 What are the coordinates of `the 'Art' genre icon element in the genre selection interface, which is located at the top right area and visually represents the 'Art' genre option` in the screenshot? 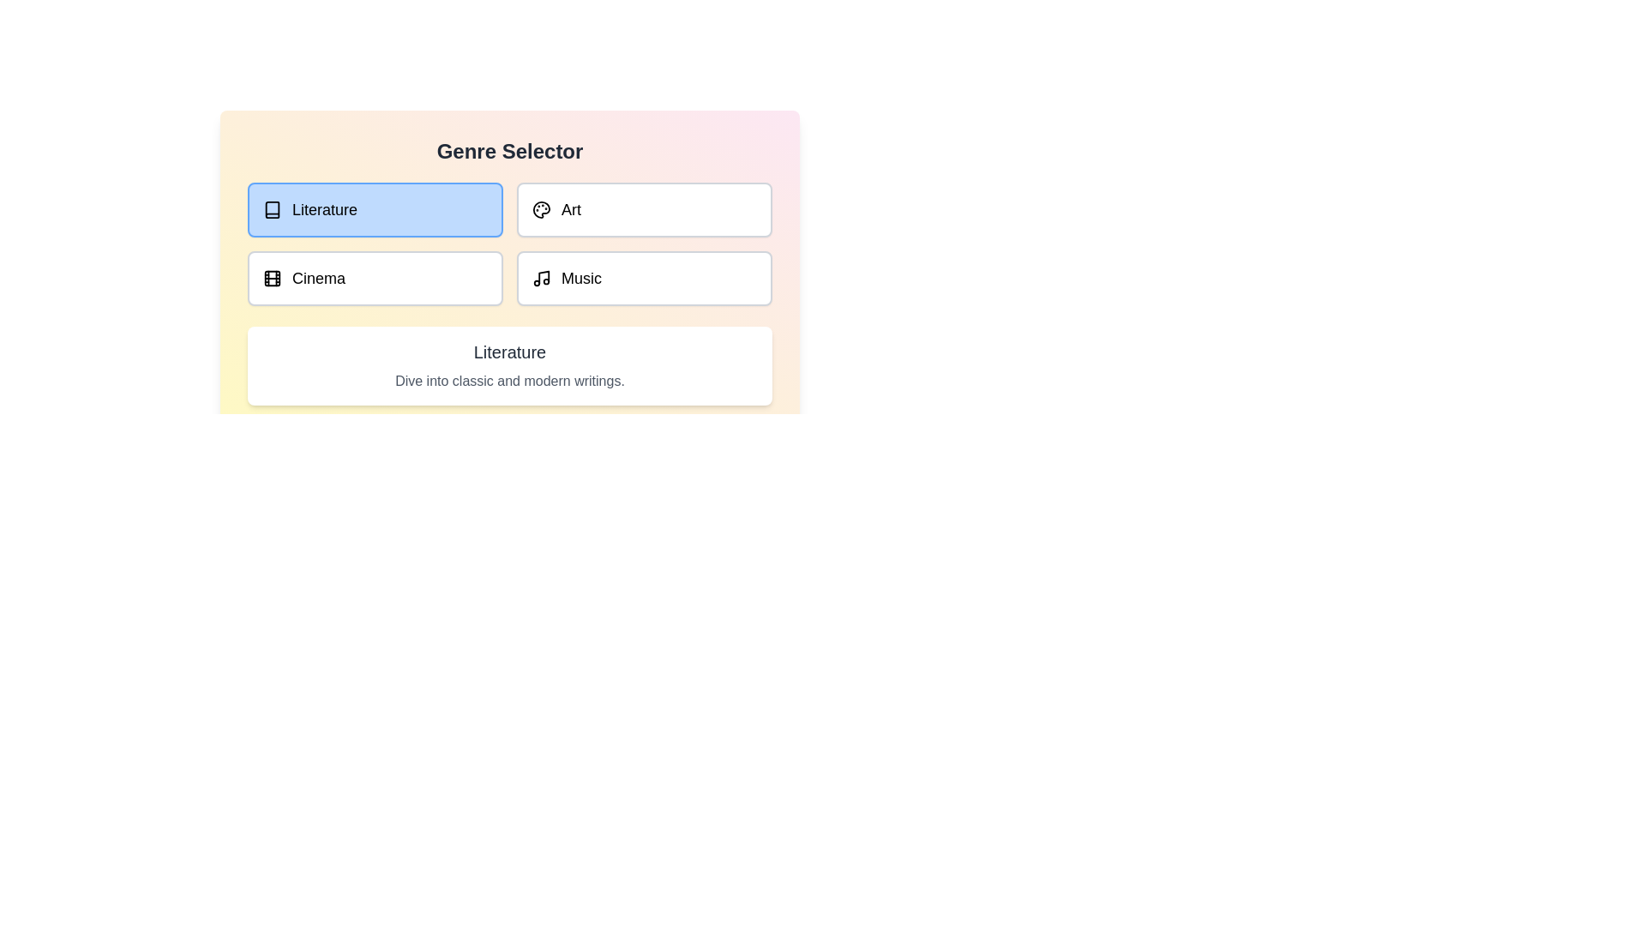 It's located at (541, 209).